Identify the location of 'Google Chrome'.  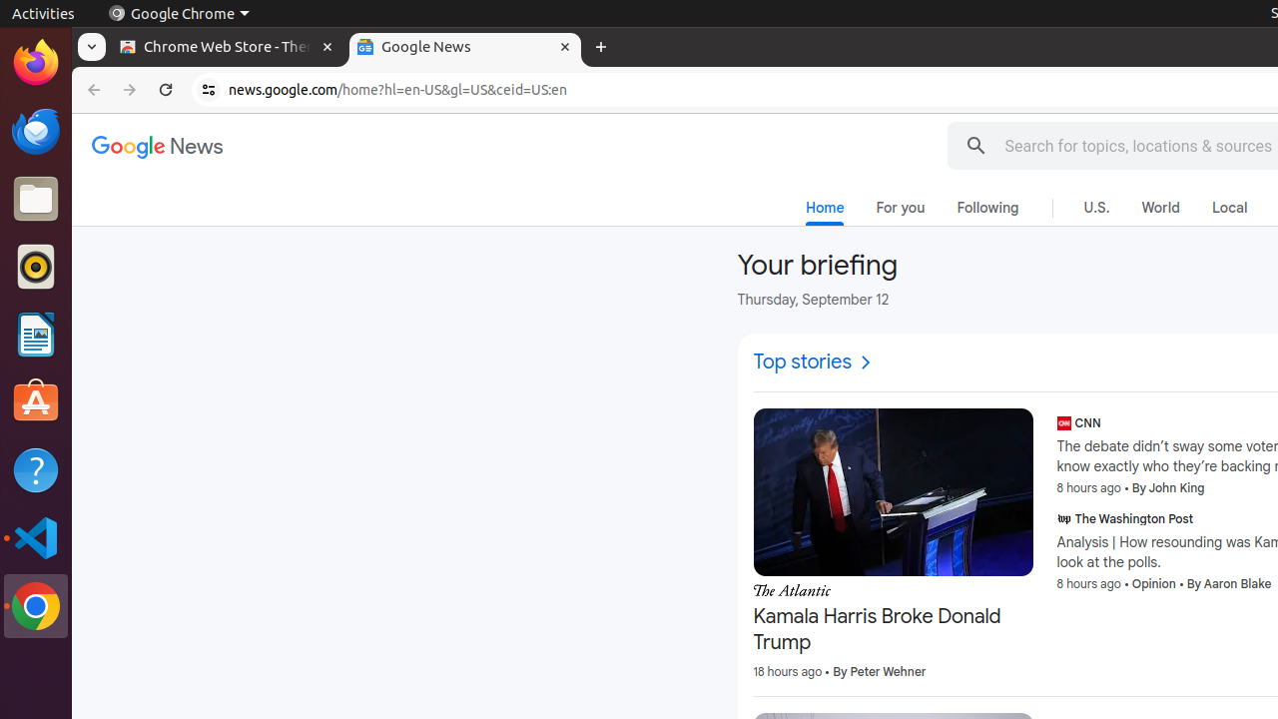
(178, 13).